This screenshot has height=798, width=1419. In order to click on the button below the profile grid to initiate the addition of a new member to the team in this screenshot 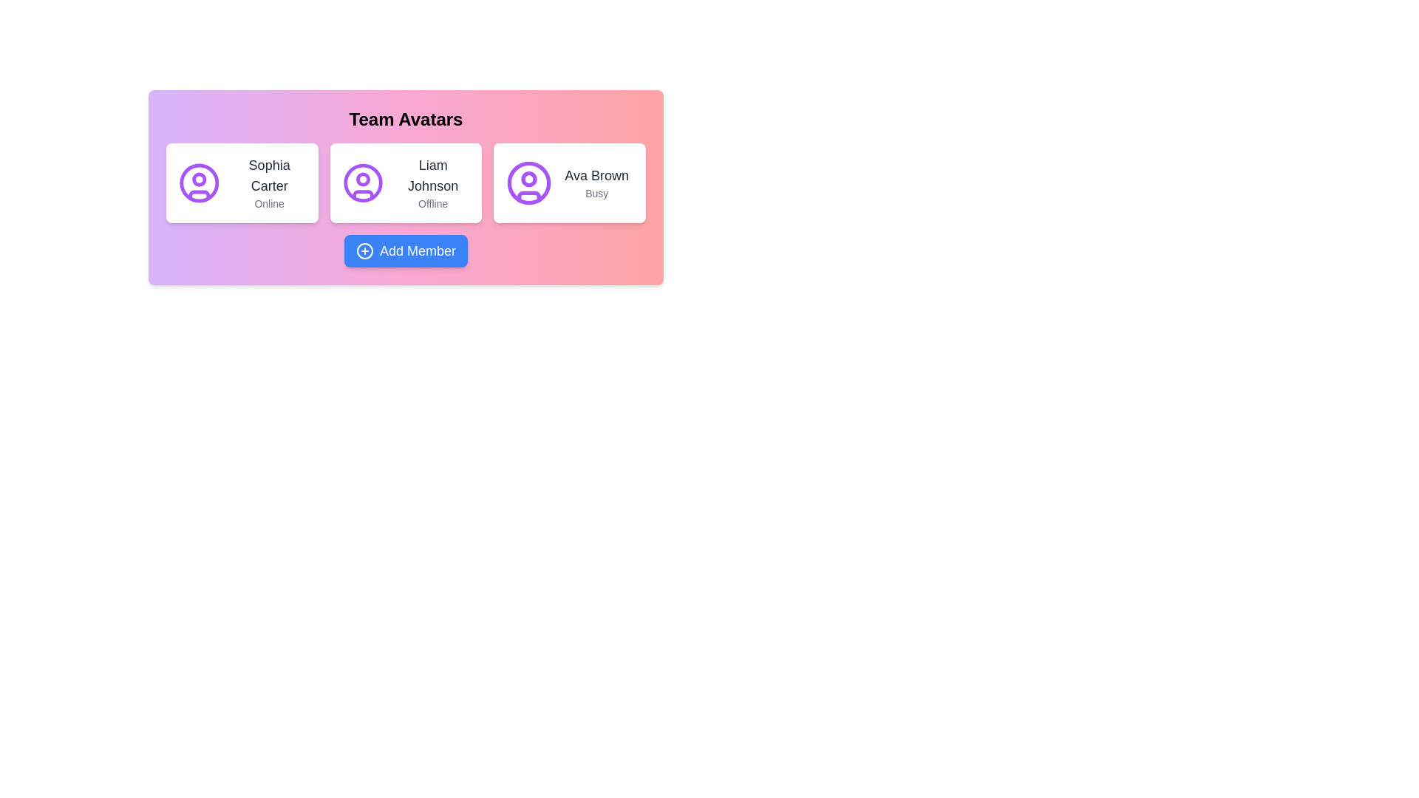, I will do `click(406, 250)`.